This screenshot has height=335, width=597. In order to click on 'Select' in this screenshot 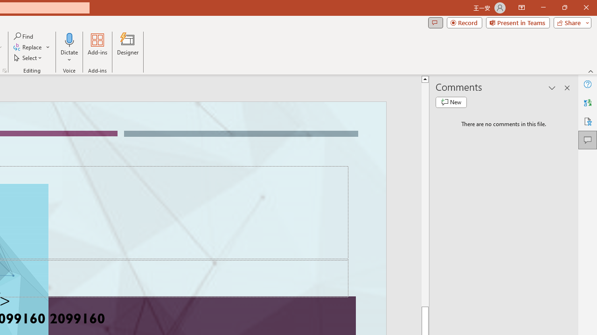, I will do `click(28, 58)`.